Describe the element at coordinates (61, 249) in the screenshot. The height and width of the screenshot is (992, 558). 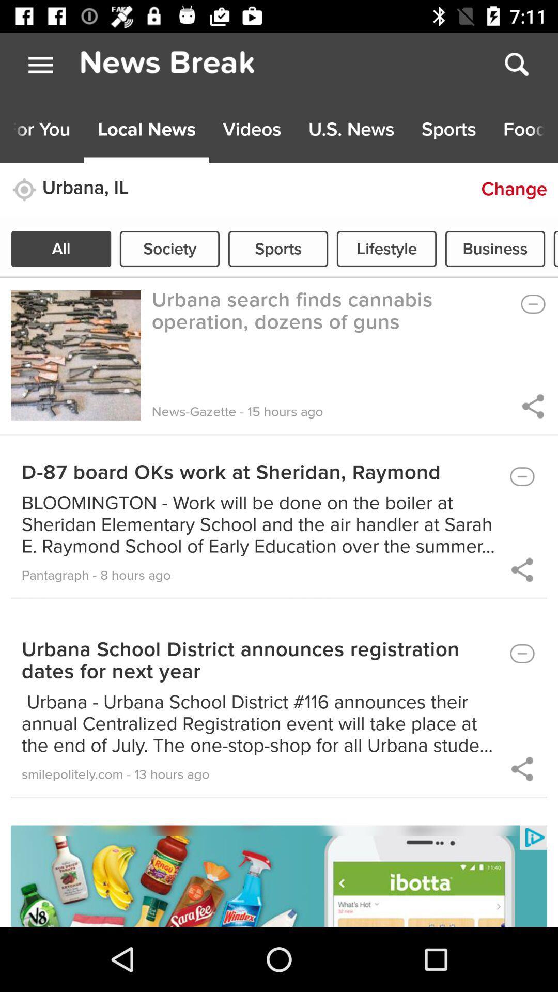
I see `button all` at that location.